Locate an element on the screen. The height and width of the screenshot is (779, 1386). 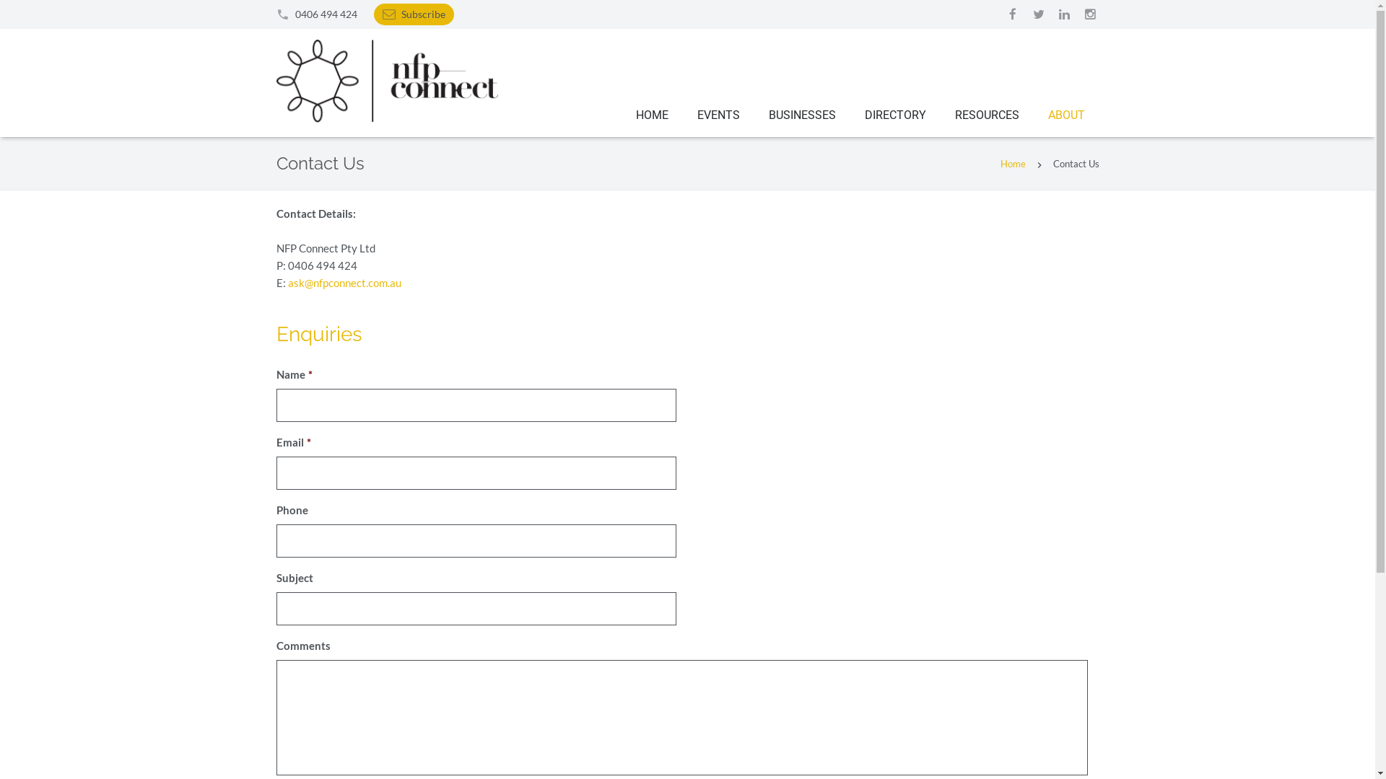
'DIRECTORY' is located at coordinates (850, 114).